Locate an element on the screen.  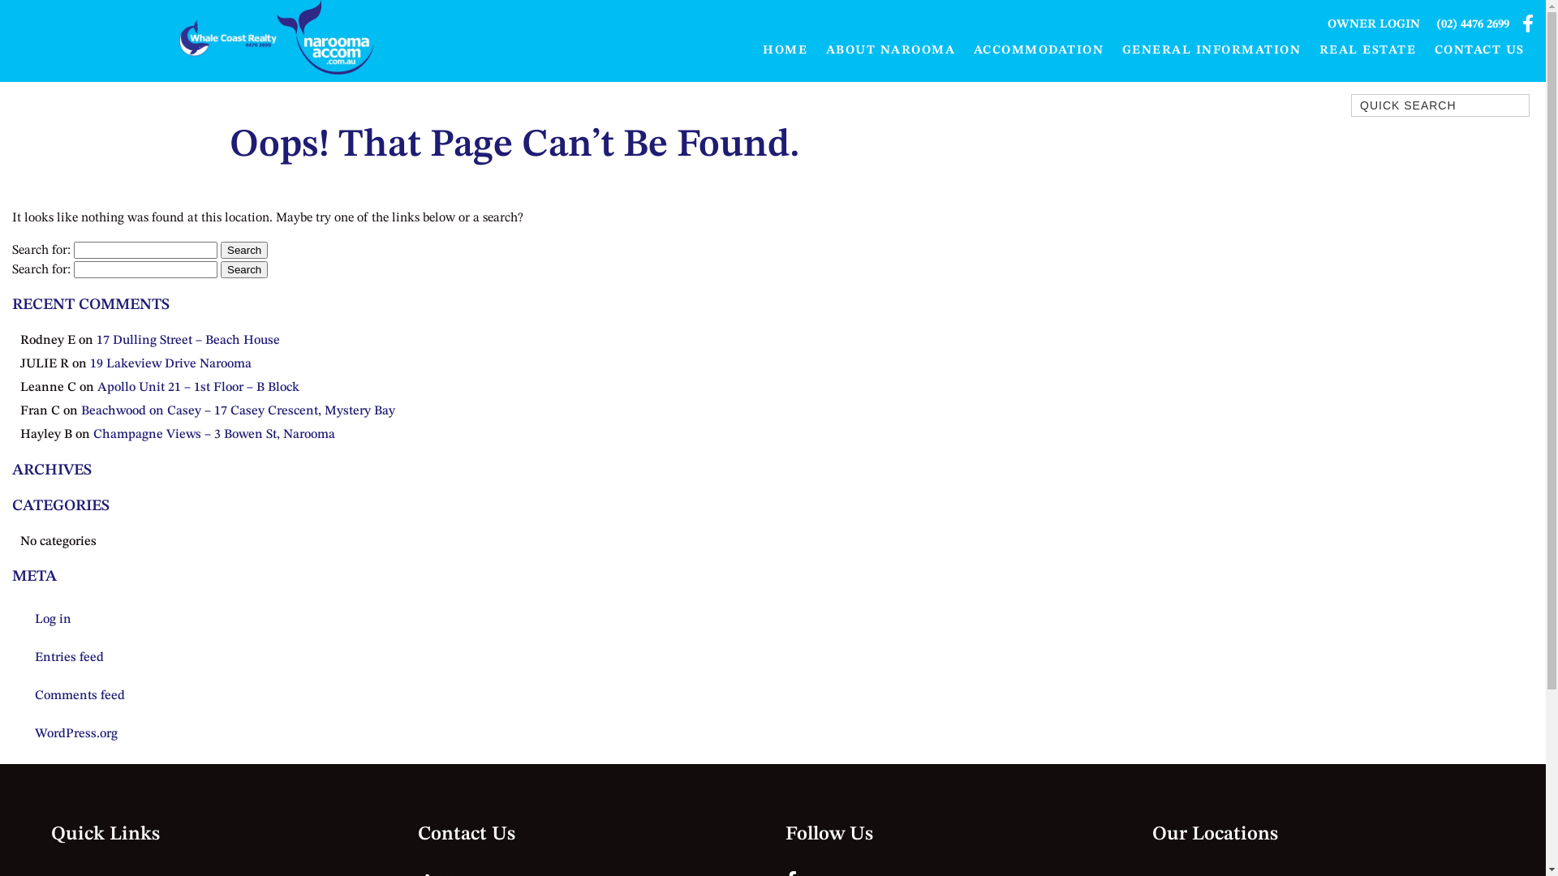
'OWNER LOGIN' is located at coordinates (1373, 24).